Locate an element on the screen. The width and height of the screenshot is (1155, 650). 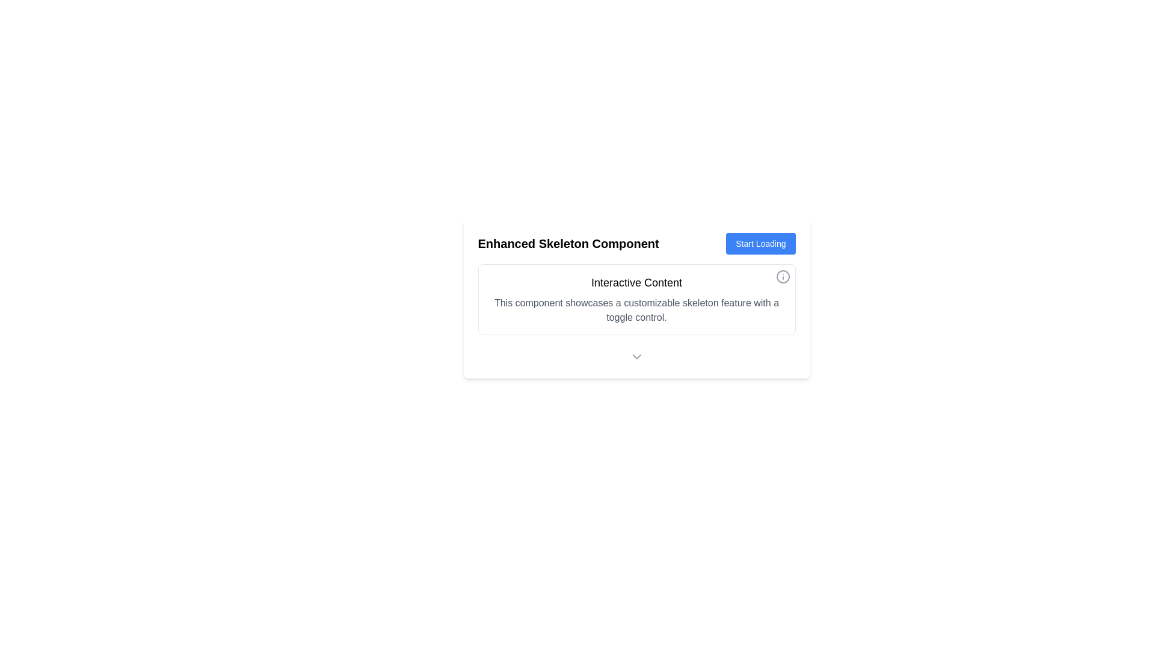
the Text Label that serves as a section title for the content under 'Enhanced Skeleton Component' is located at coordinates (636, 283).